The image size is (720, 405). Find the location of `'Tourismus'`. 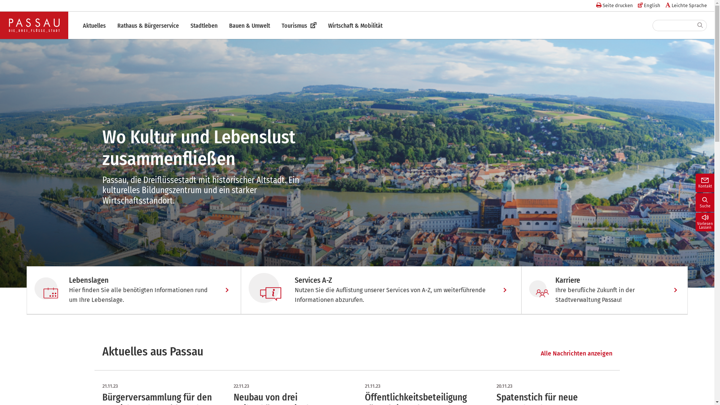

'Tourismus' is located at coordinates (298, 25).